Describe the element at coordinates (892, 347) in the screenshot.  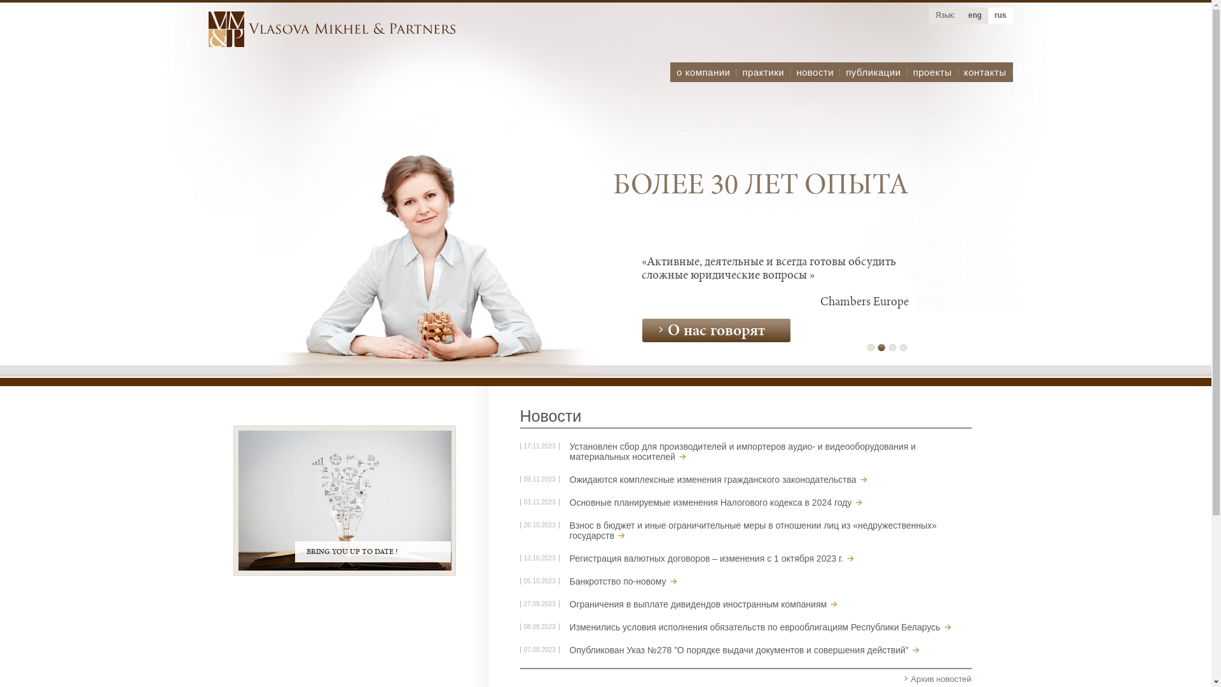
I see `'3'` at that location.